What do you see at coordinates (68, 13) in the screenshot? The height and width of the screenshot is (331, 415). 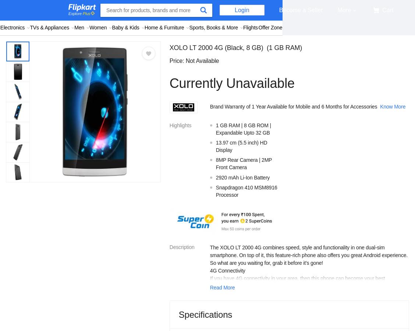 I see `'Explore'` at bounding box center [68, 13].